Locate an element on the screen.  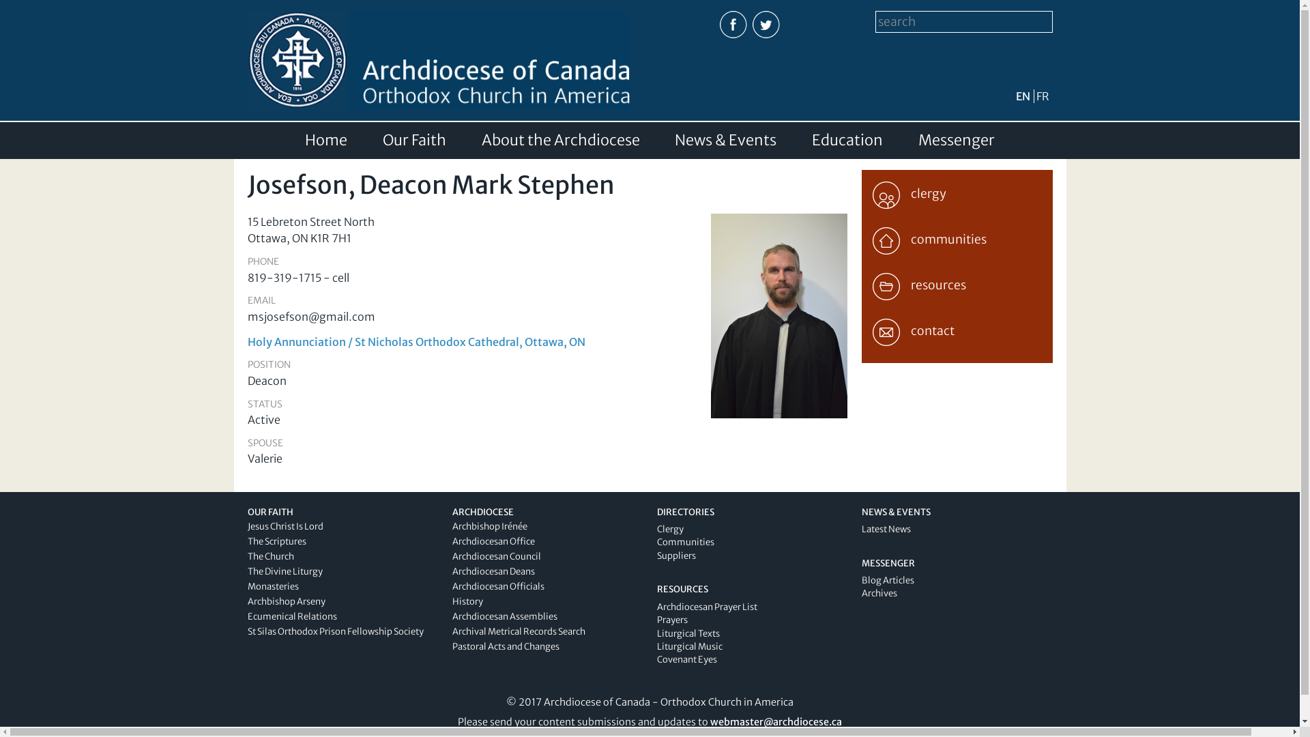
'clergy' is located at coordinates (955, 192).